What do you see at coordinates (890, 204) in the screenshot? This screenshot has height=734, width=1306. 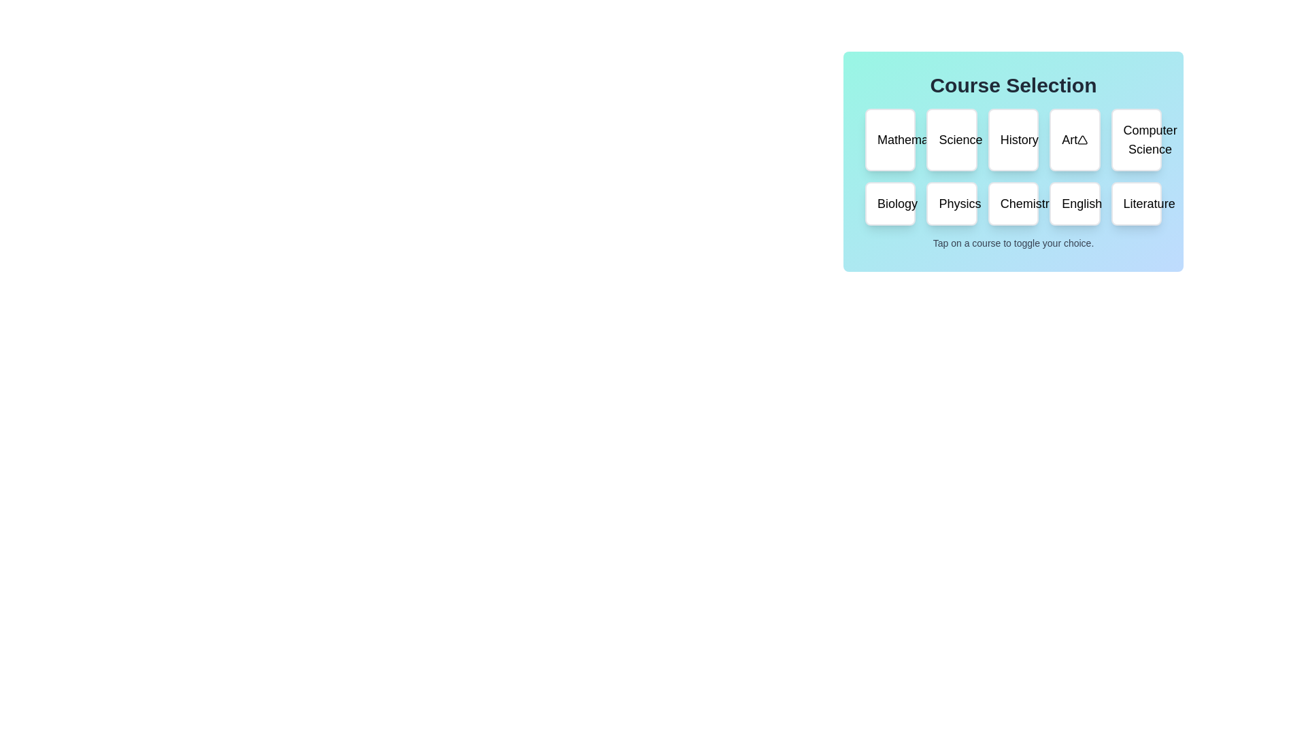 I see `the course Biology` at bounding box center [890, 204].